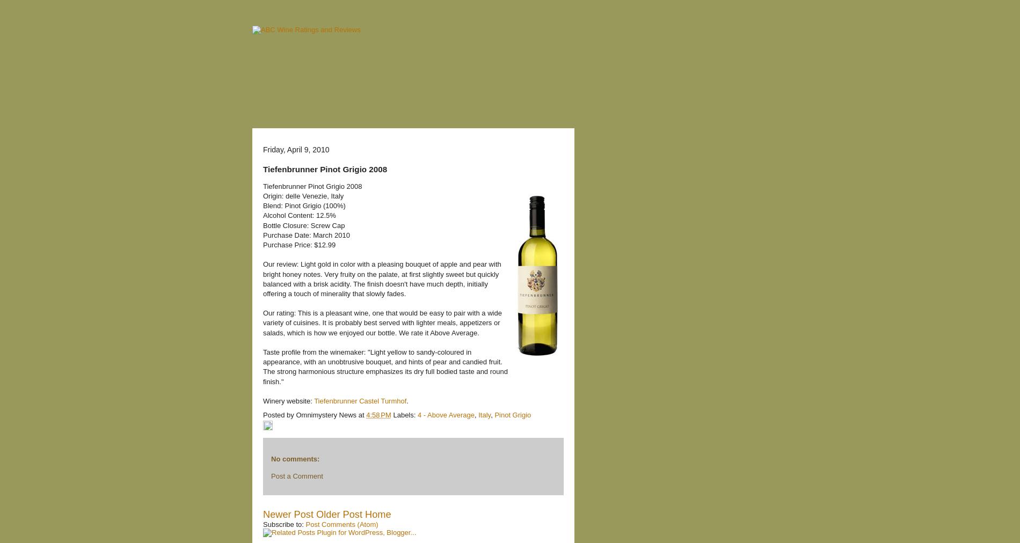 The width and height of the screenshot is (1020, 543). I want to click on 'Bottle Closure: Screw Cap', so click(304, 225).